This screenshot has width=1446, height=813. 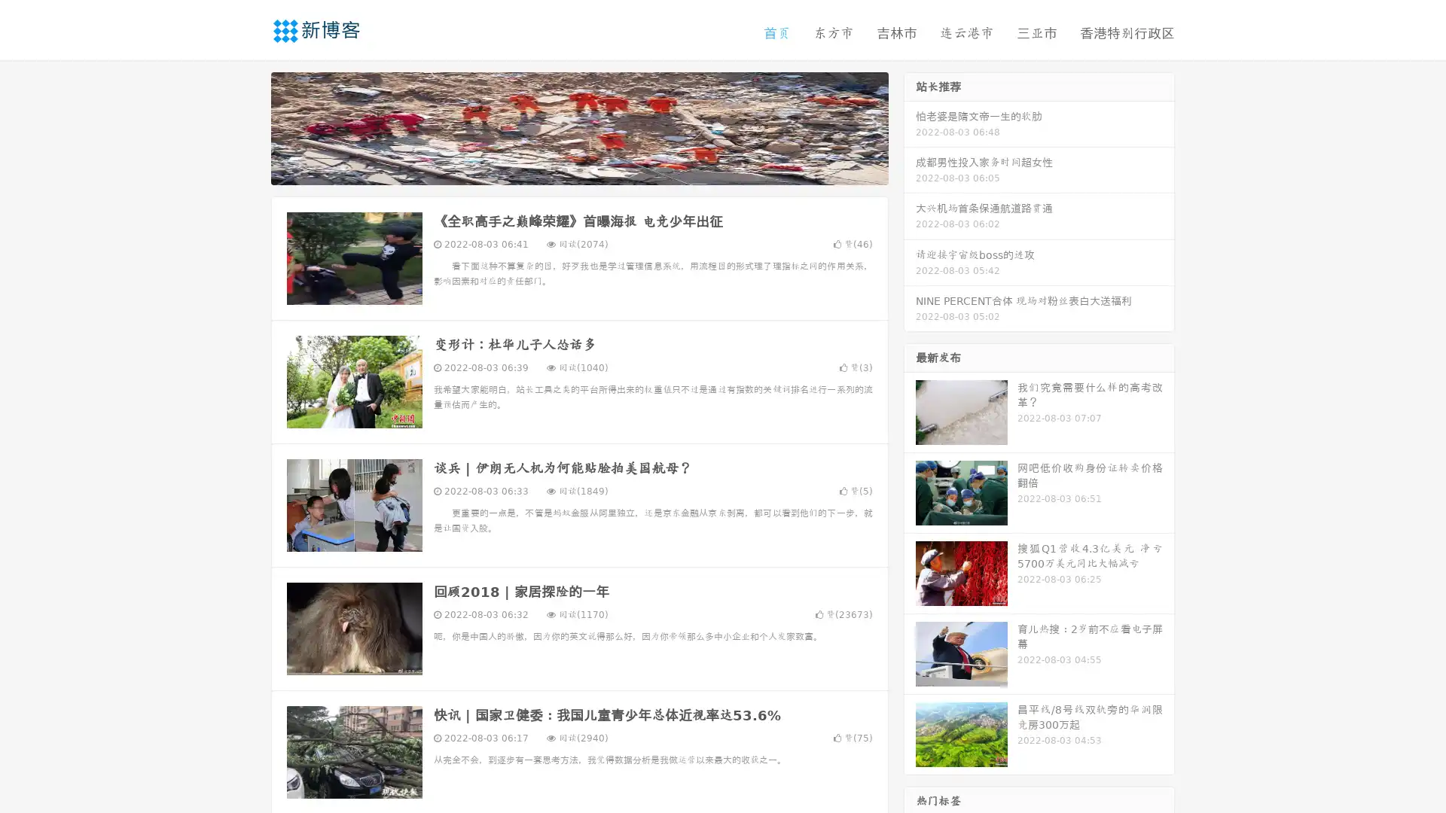 What do you see at coordinates (563, 169) in the screenshot?
I see `Go to slide 1` at bounding box center [563, 169].